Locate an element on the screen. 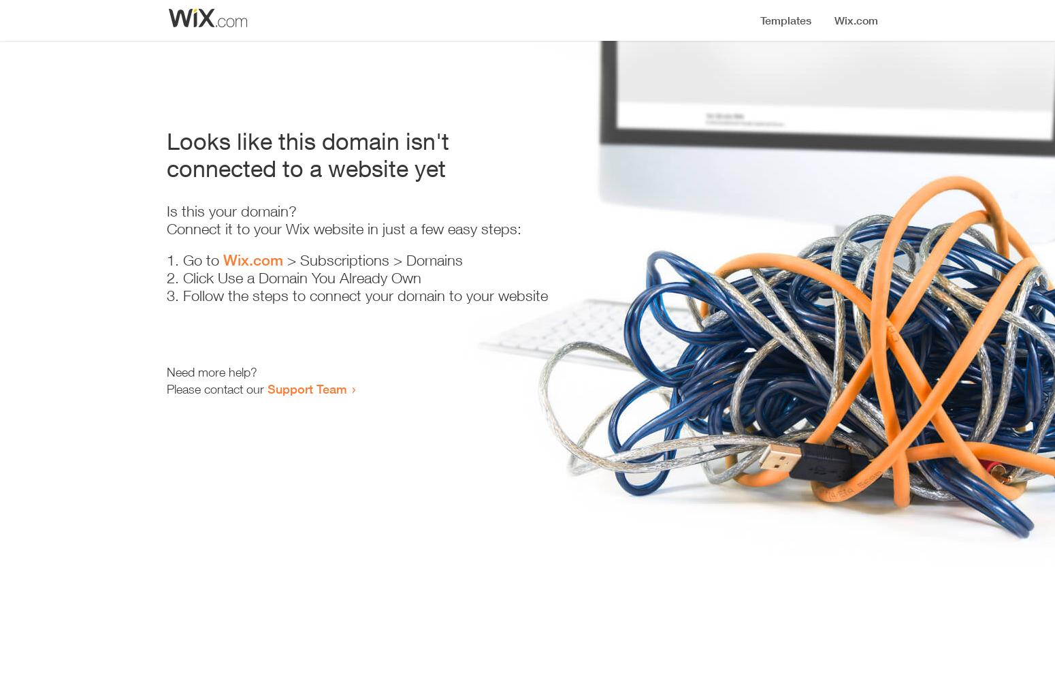  'Please contact our' is located at coordinates (216, 388).